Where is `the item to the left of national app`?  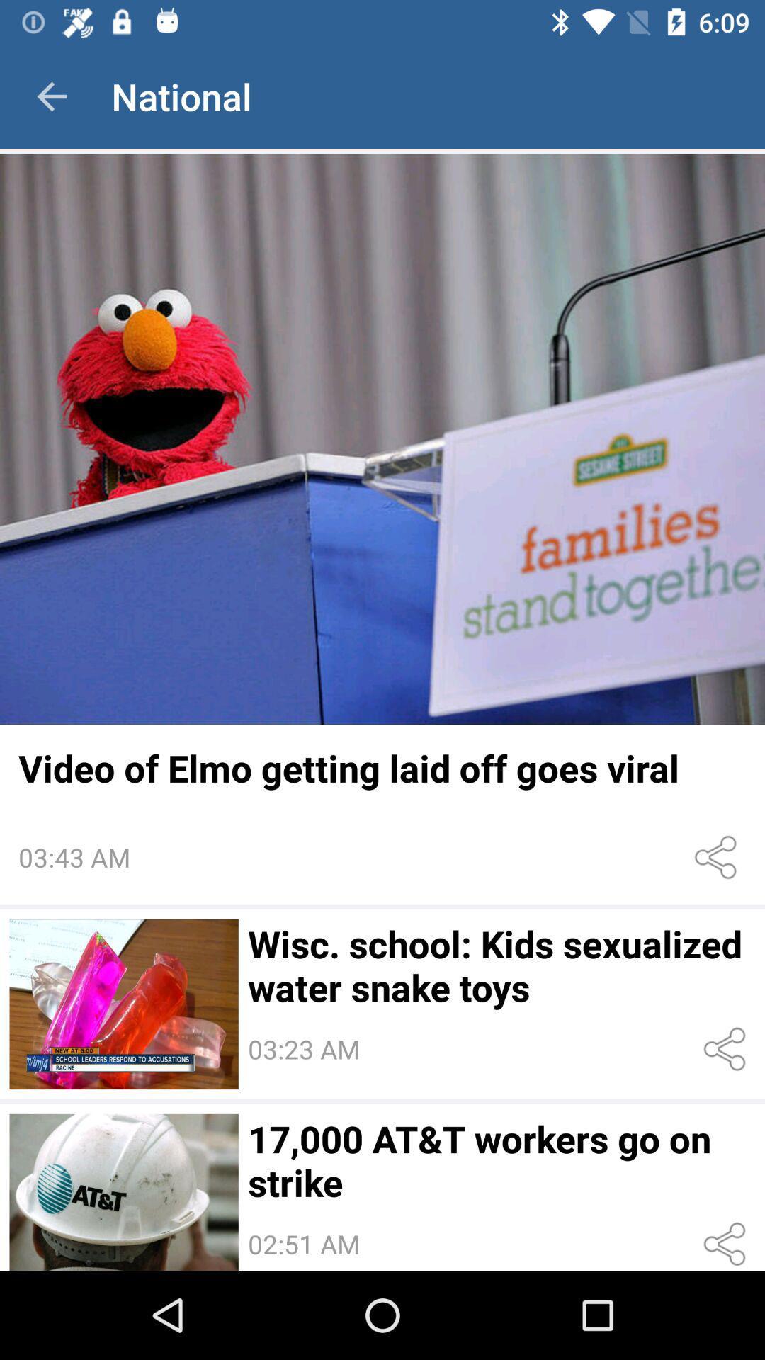
the item to the left of national app is located at coordinates (51, 96).